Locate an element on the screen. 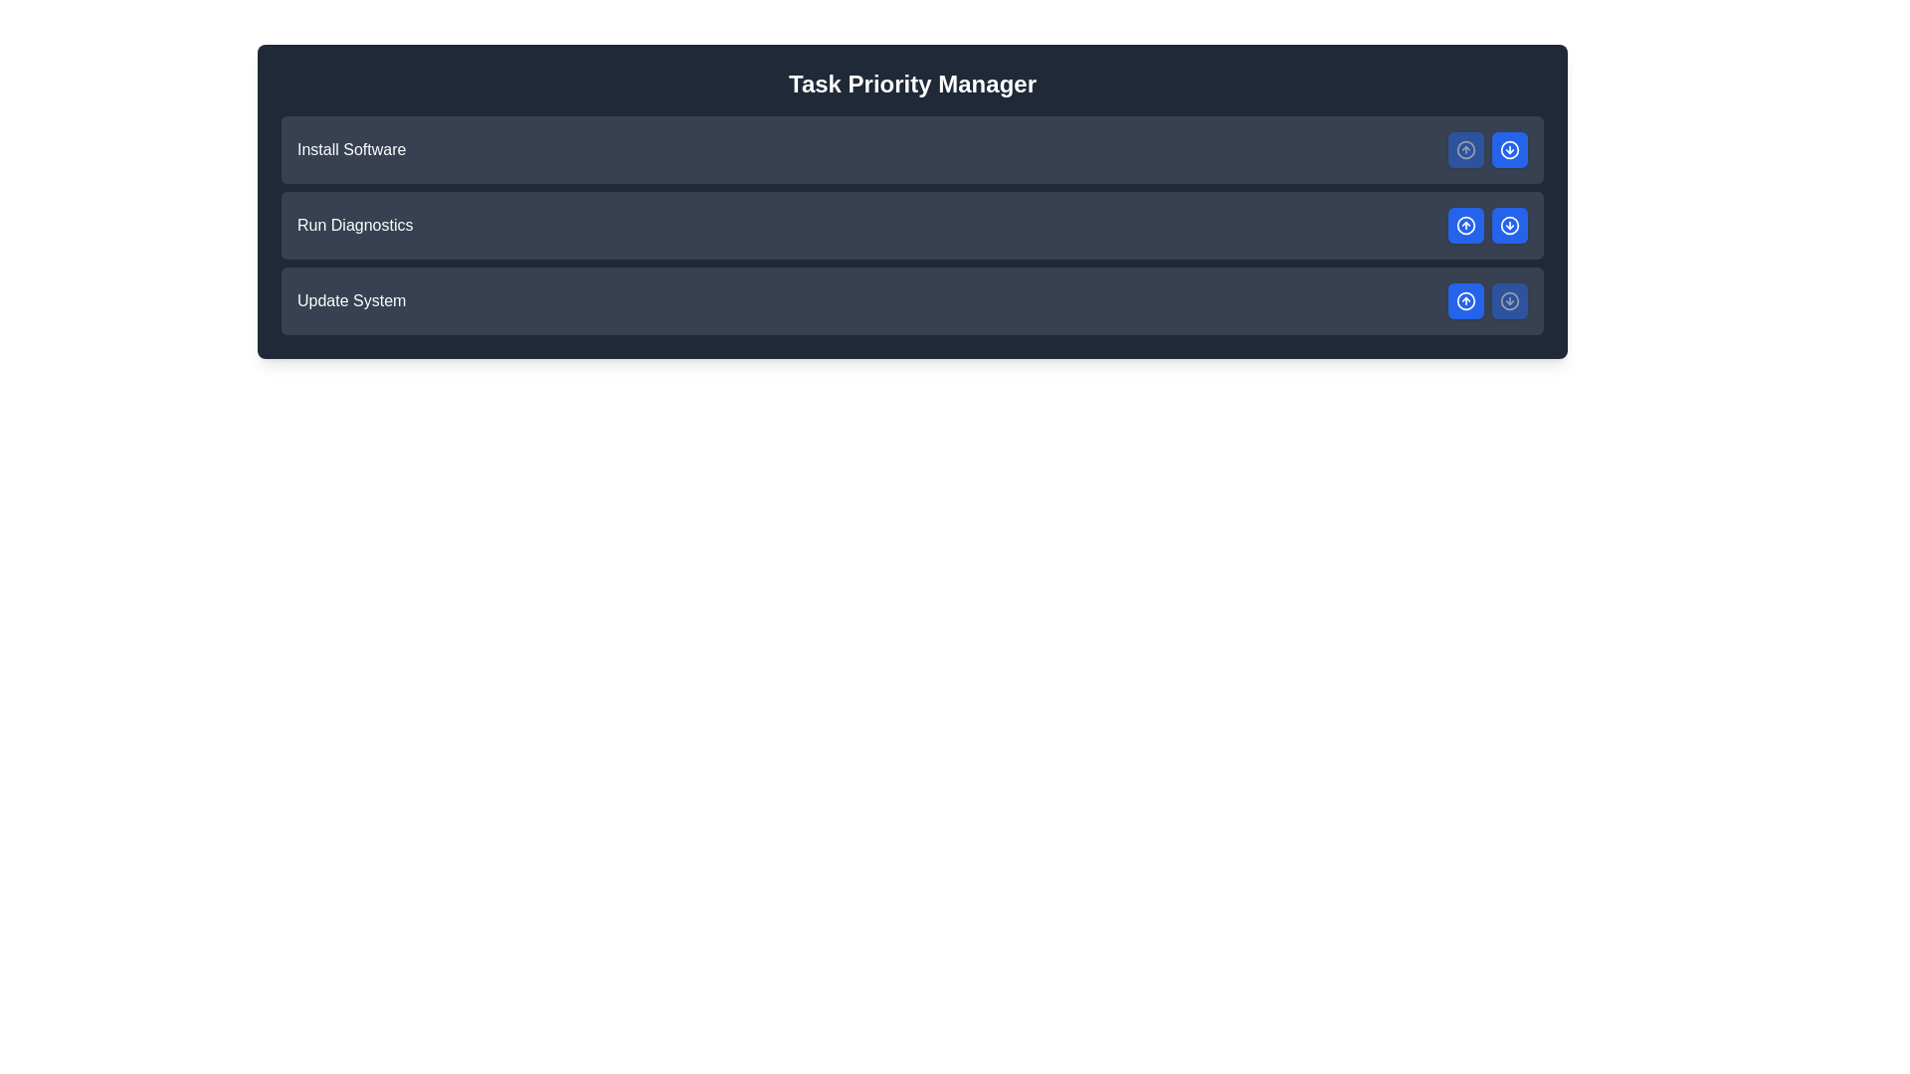 Image resolution: width=1910 pixels, height=1074 pixels. the button located in the middle of a horizontal row, positioned second among similar buttons is located at coordinates (1465, 225).